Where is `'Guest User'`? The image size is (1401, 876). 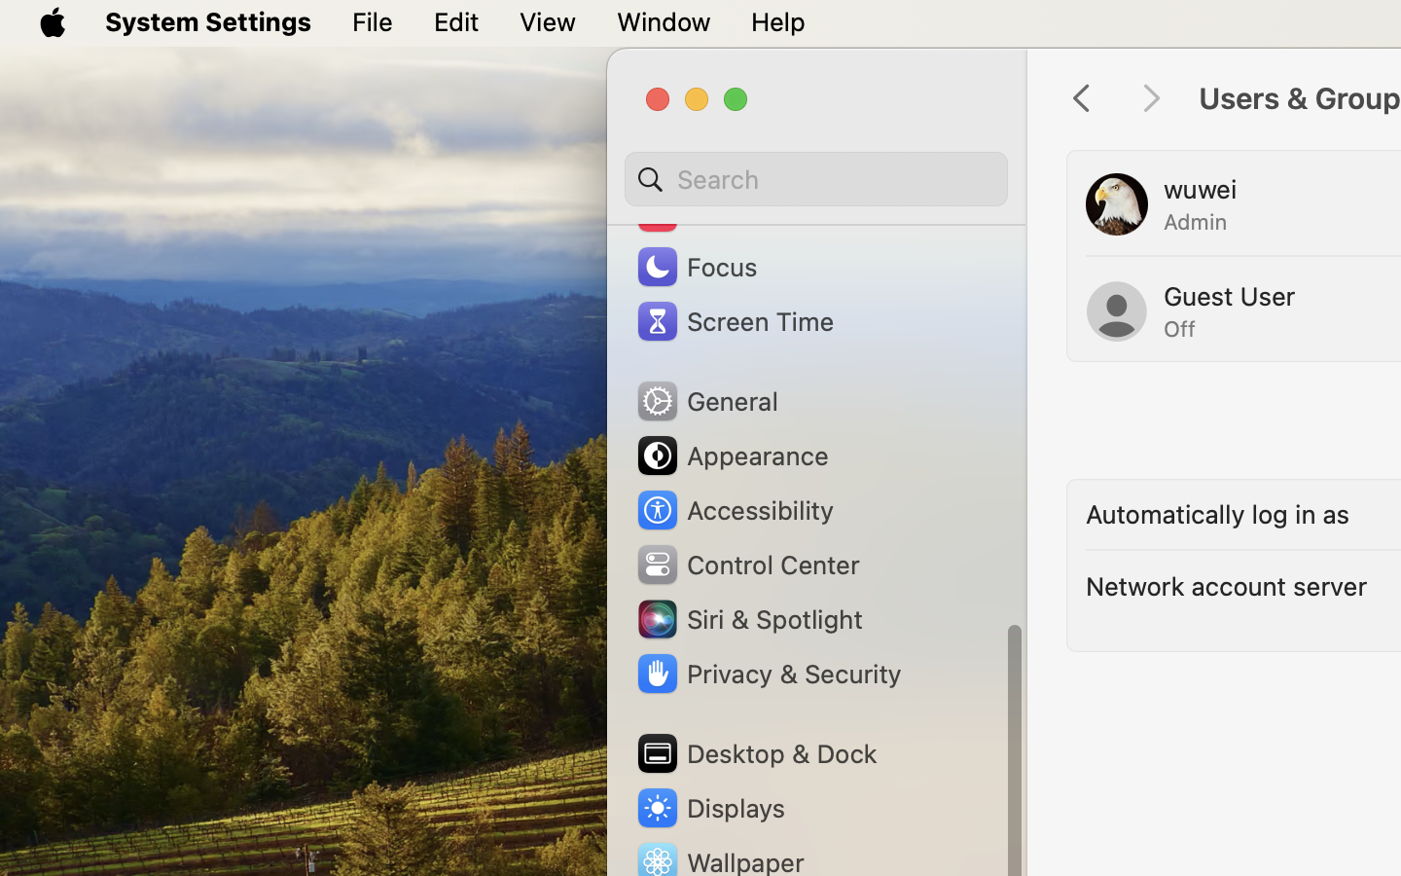
'Guest User' is located at coordinates (1230, 295).